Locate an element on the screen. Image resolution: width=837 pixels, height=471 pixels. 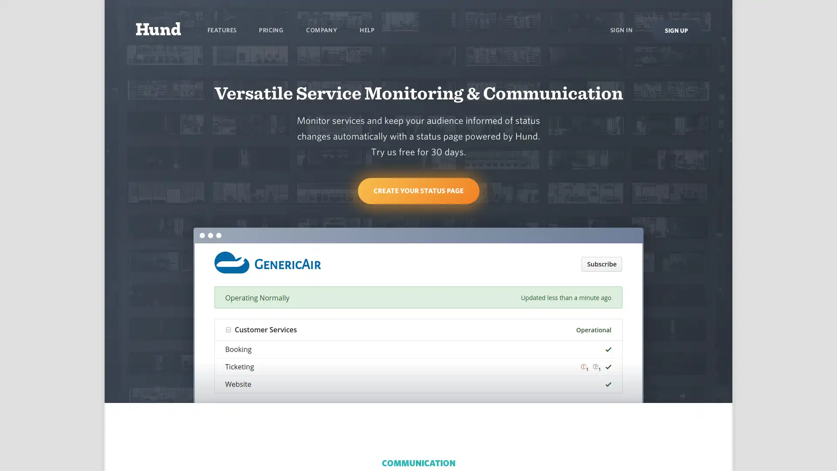
Open Intercom Messenger is located at coordinates (815, 449).